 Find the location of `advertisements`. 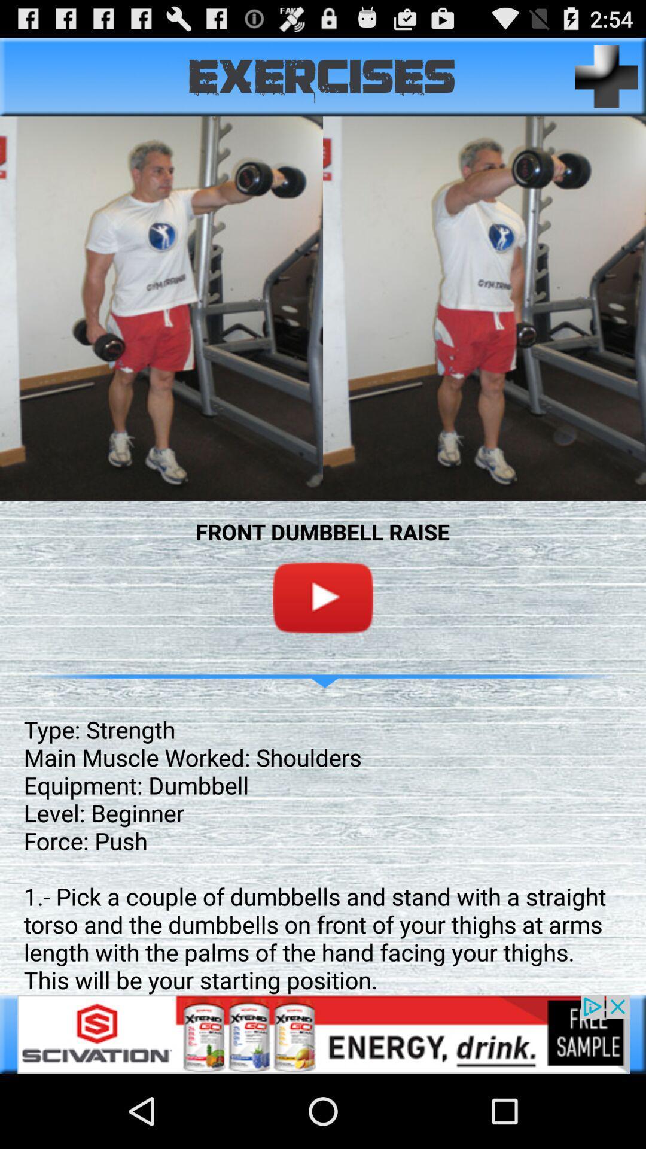

advertisements is located at coordinates (323, 1034).